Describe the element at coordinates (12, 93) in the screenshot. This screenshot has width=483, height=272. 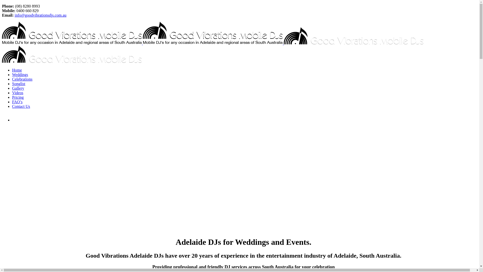
I see `'Videos'` at that location.